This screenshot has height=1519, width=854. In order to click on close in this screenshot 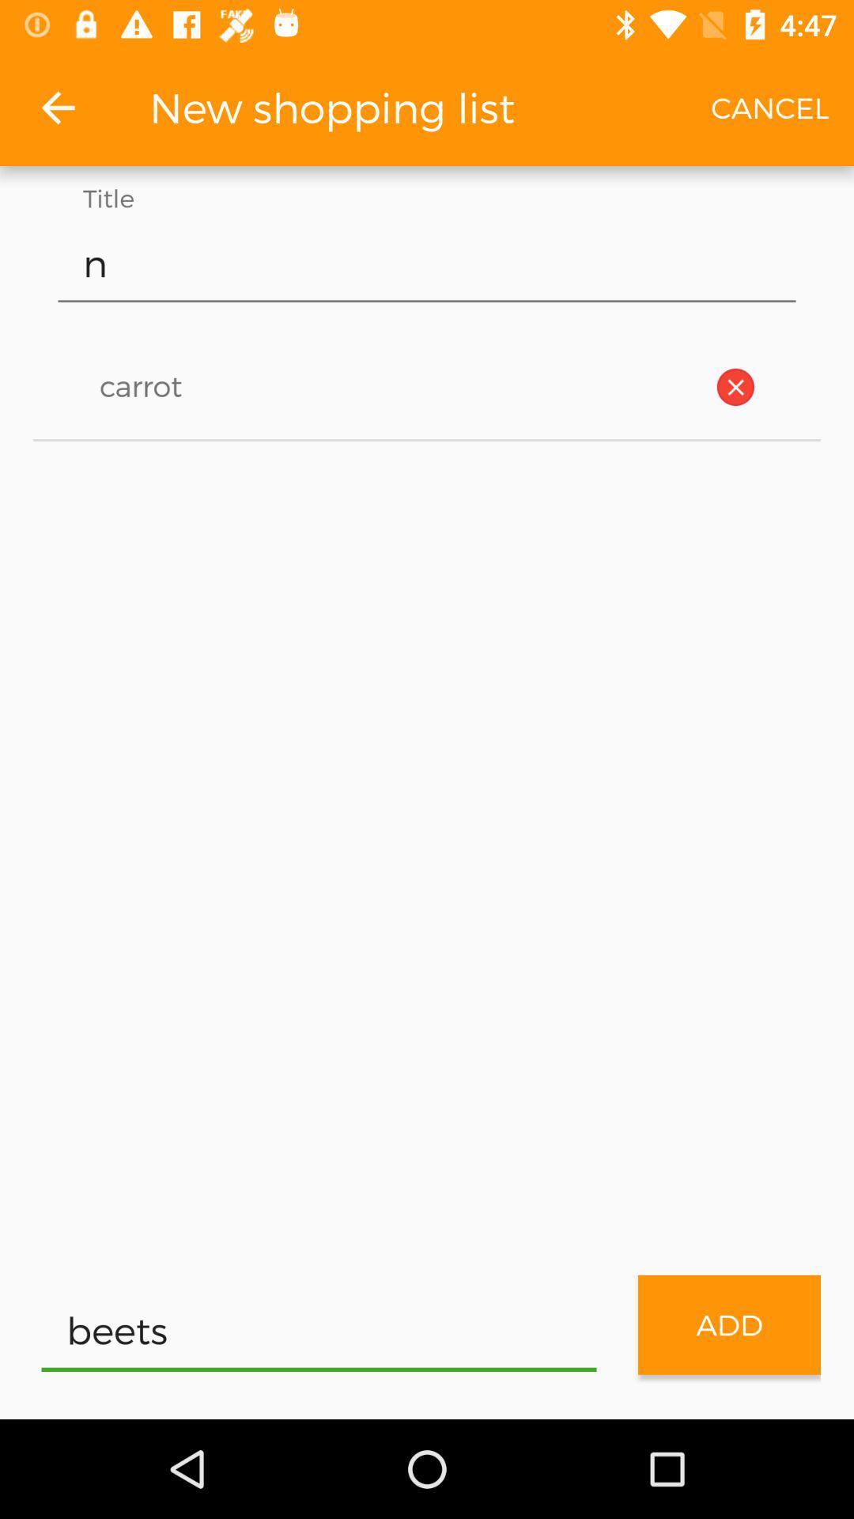, I will do `click(735, 387)`.